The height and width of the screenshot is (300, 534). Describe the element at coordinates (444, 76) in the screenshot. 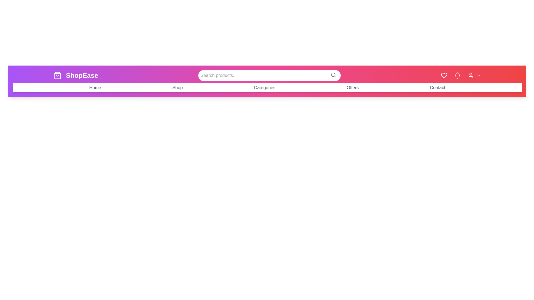

I see `the heart icon in the app bar` at that location.